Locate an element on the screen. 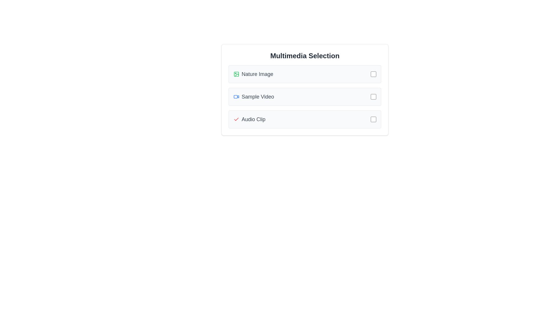 The image size is (557, 313). the checkbox associated with the 'Nature Image' list item for keyboard interaction is located at coordinates (373, 74).